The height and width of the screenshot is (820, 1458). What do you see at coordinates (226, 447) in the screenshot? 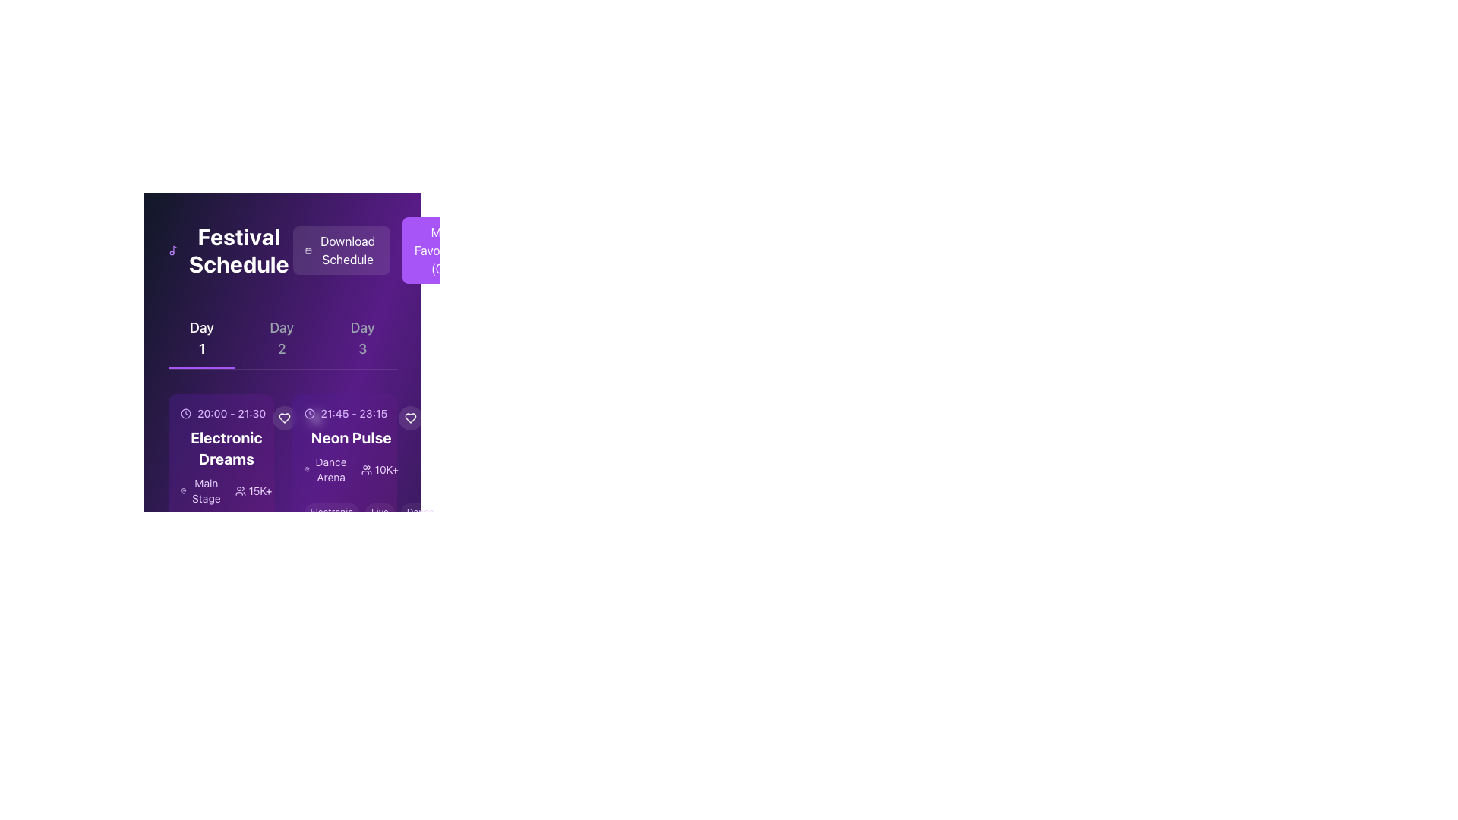
I see `and comprehend the text label indicating the event title 'Electronic Dreams' located within the event information card, positioned below the time indicator and above the stage and attendee details` at bounding box center [226, 447].